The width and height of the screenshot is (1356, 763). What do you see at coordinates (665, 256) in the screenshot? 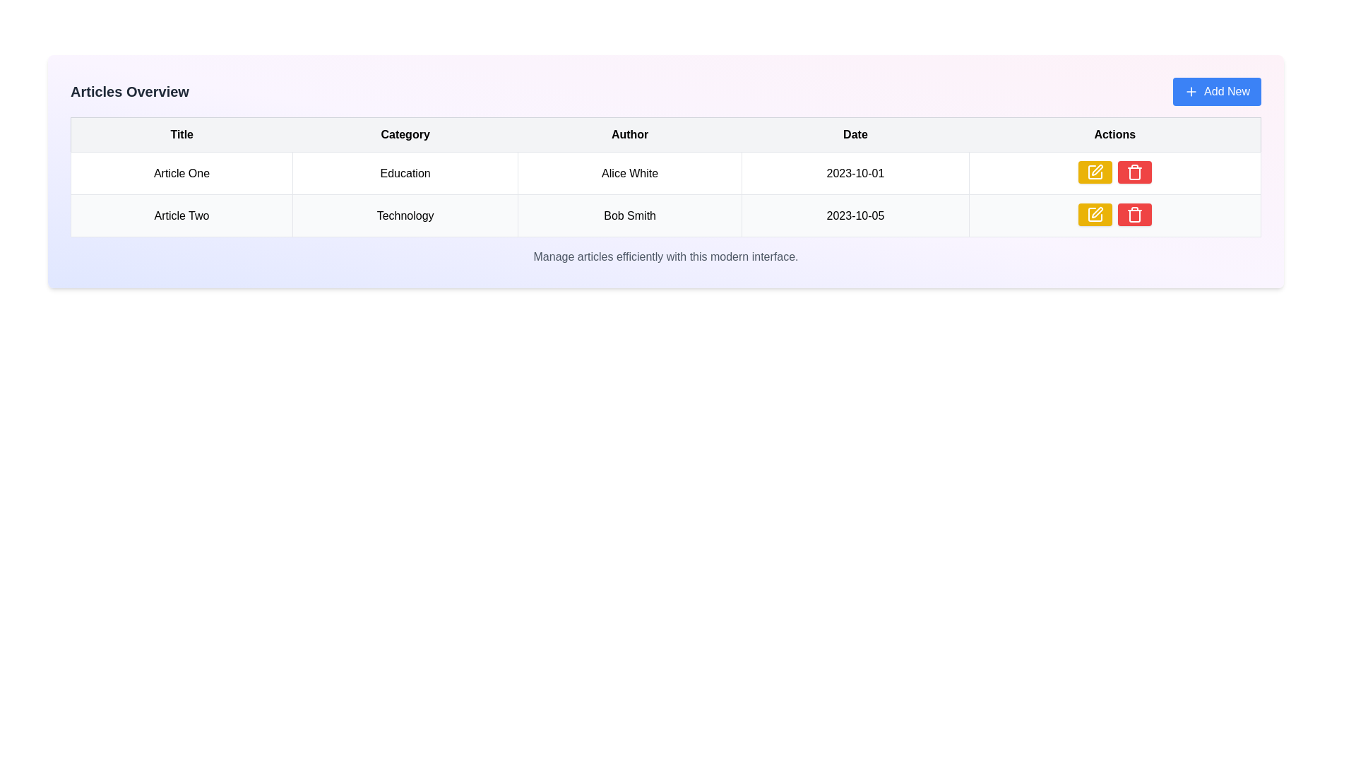
I see `the text block containing the message 'Manage articles efficiently with this modern interface.'` at bounding box center [665, 256].